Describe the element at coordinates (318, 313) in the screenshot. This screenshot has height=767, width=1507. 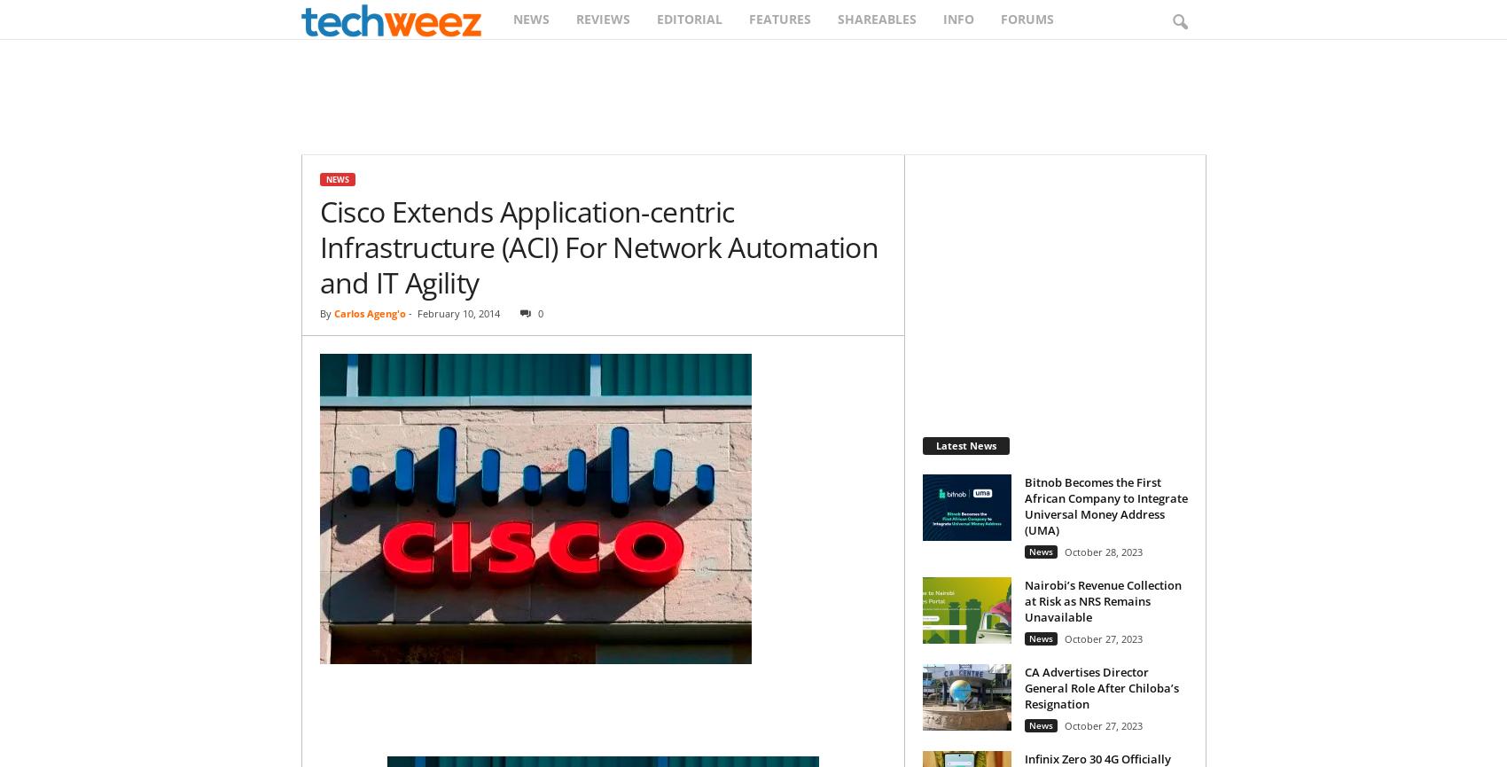
I see `'By'` at that location.